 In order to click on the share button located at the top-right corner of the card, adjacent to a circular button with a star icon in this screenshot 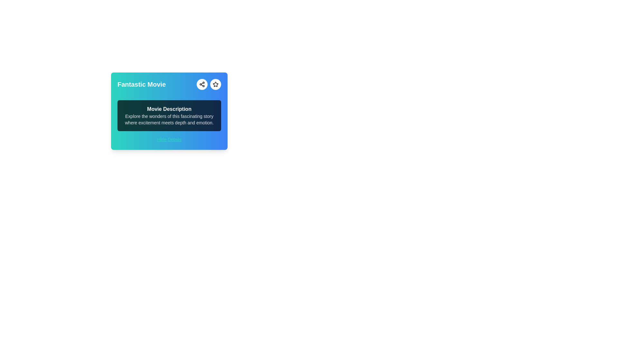, I will do `click(202, 84)`.